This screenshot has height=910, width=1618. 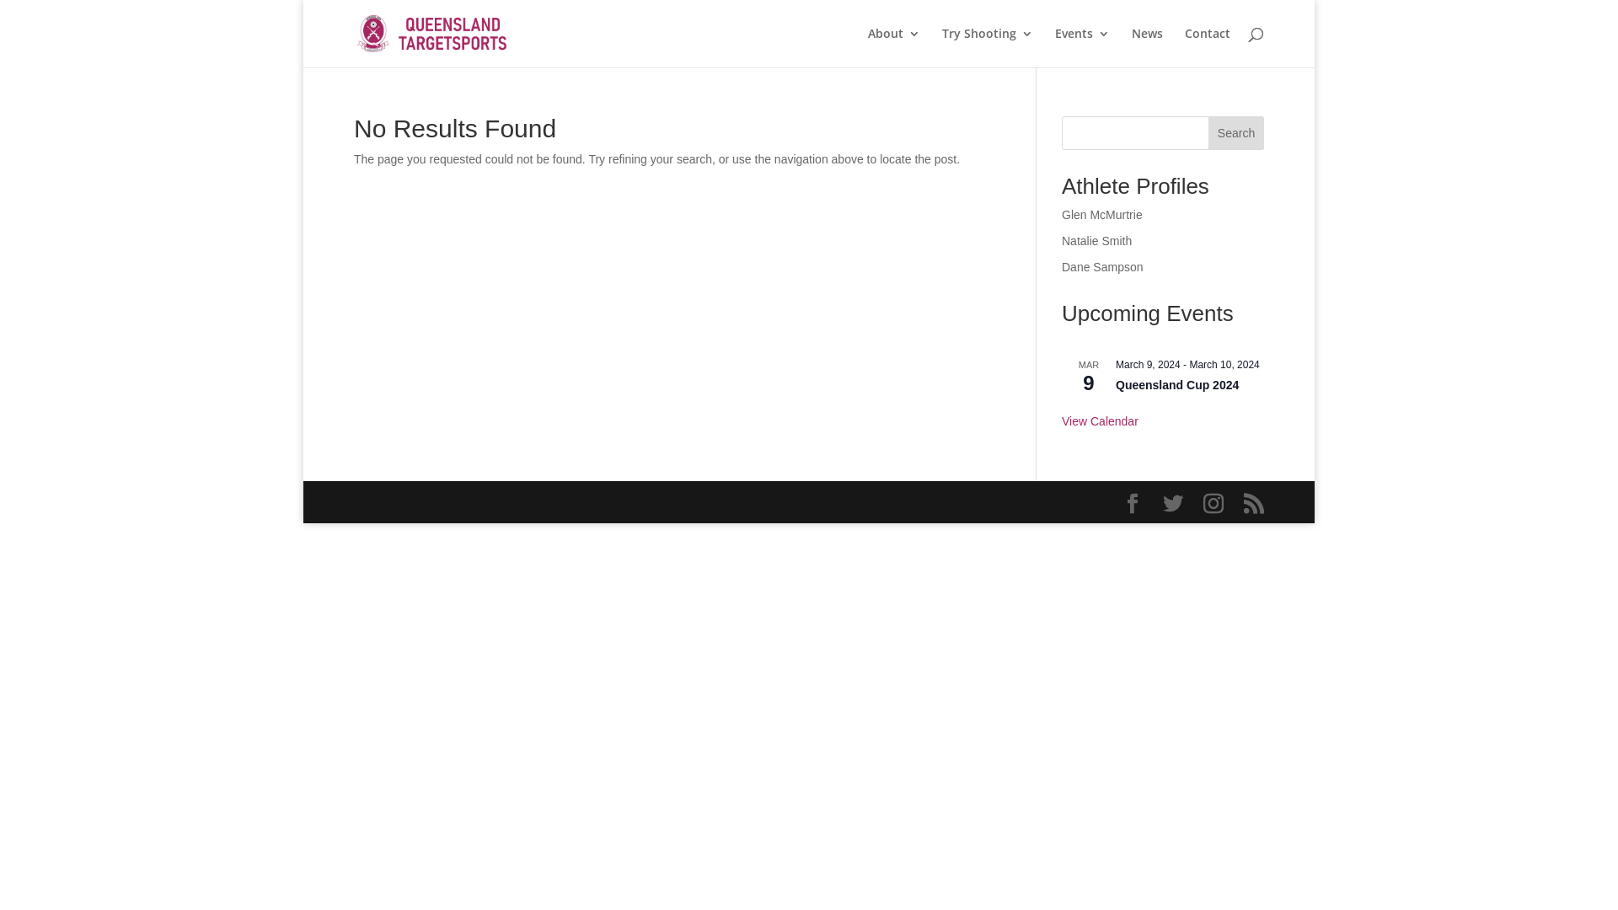 I want to click on 'About', so click(x=868, y=46).